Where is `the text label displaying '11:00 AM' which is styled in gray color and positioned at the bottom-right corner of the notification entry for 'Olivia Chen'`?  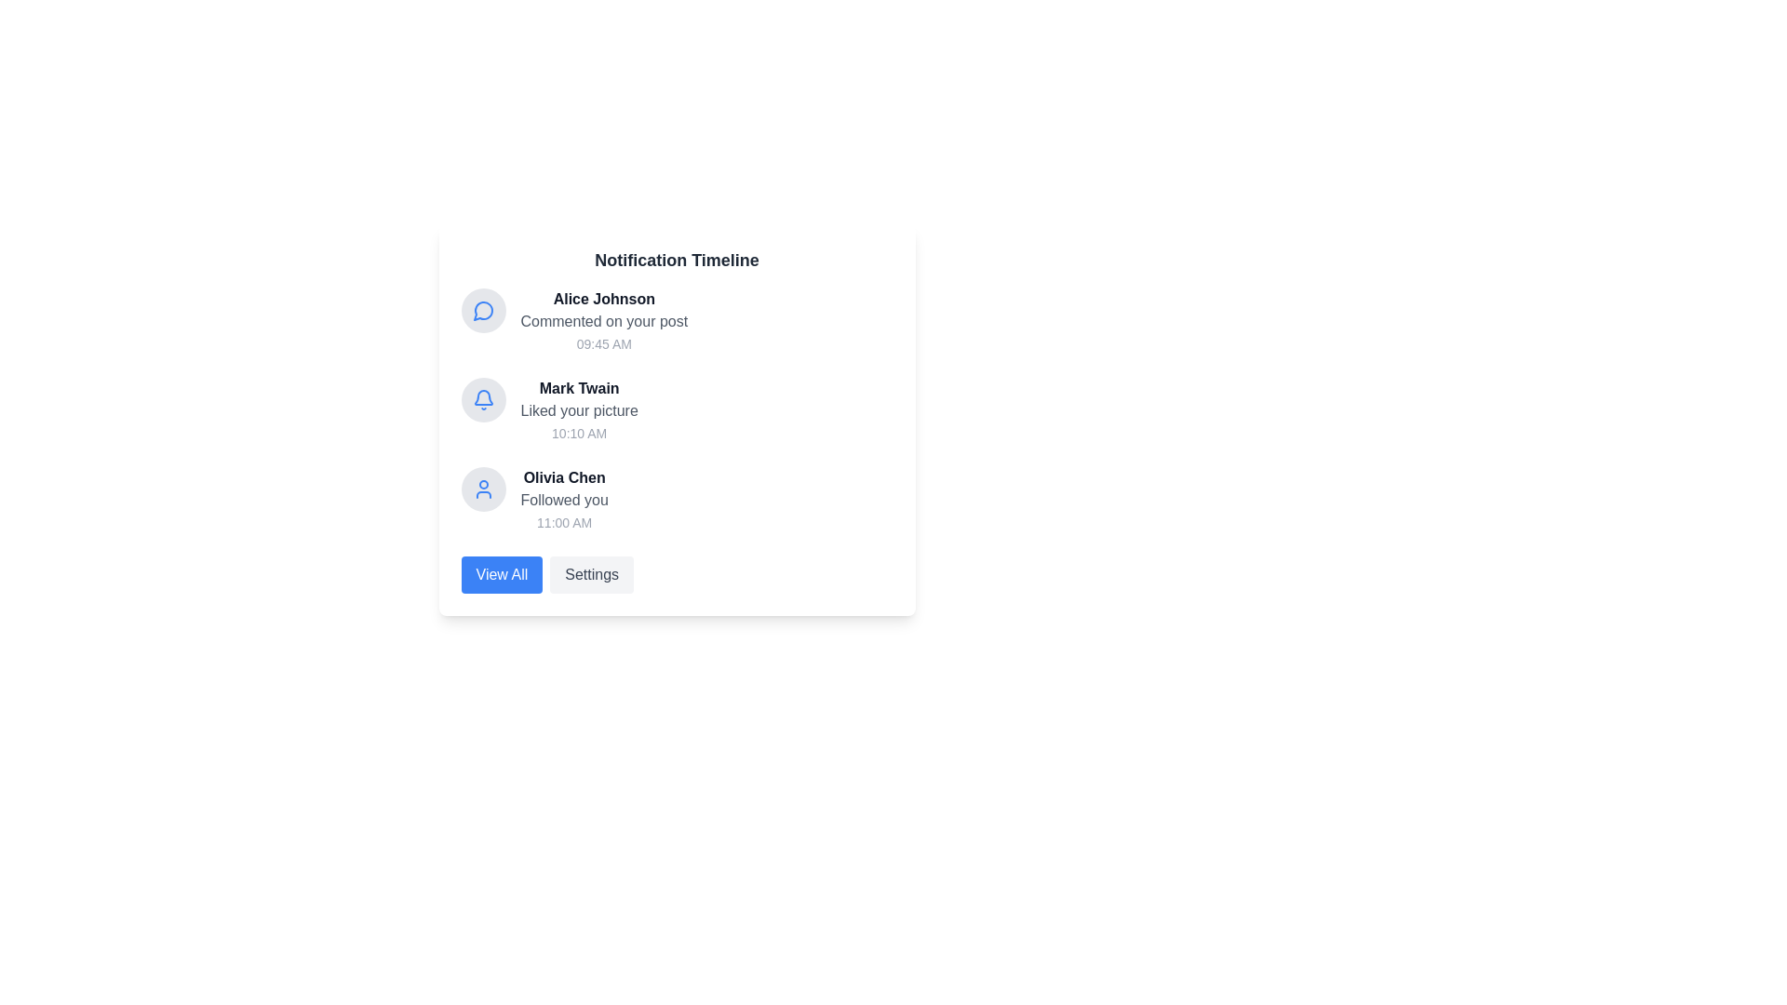 the text label displaying '11:00 AM' which is styled in gray color and positioned at the bottom-right corner of the notification entry for 'Olivia Chen' is located at coordinates (563, 523).